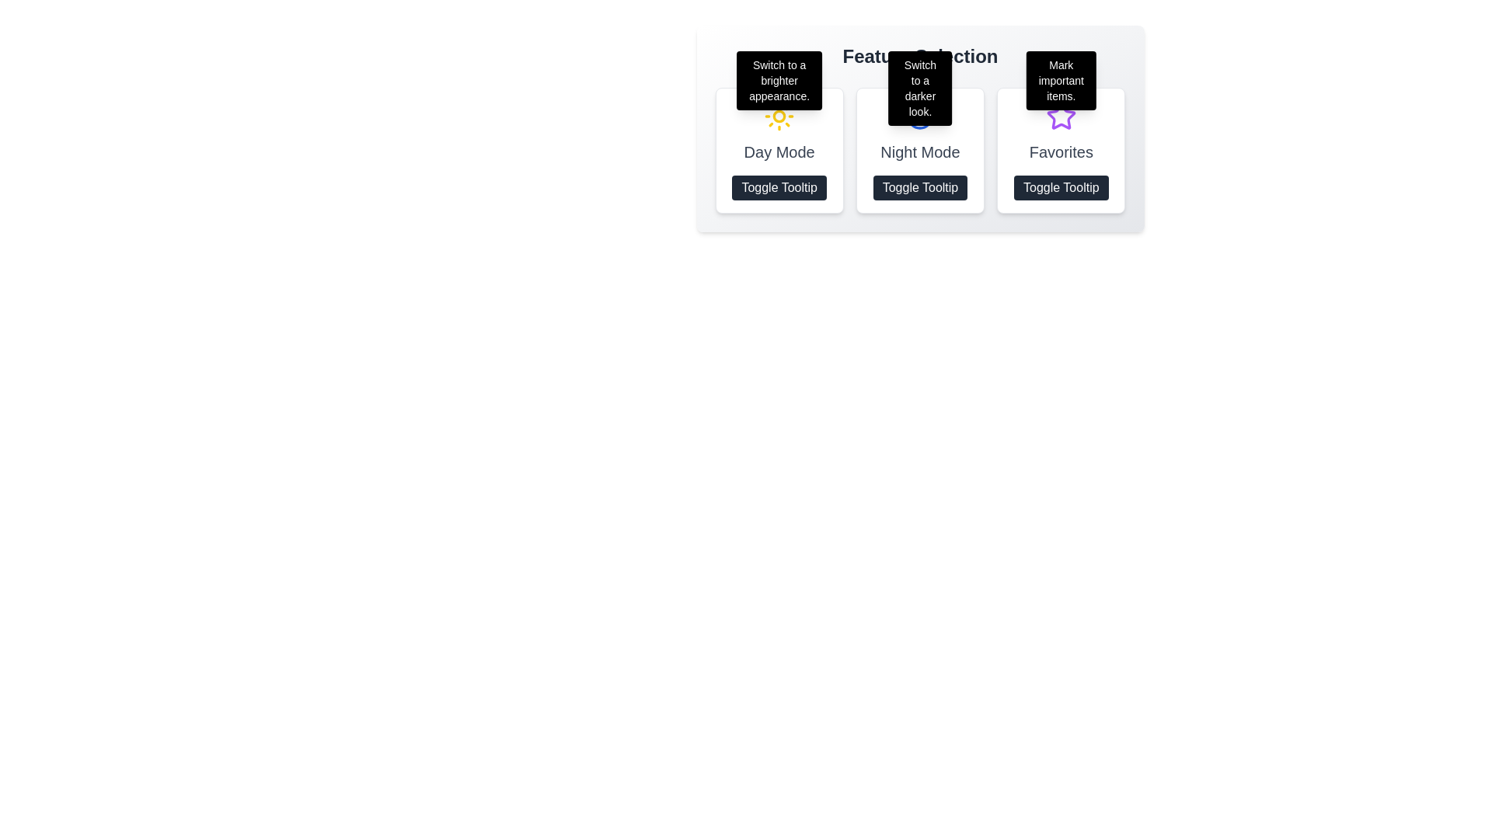 This screenshot has width=1492, height=839. Describe the element at coordinates (920, 150) in the screenshot. I see `the 'Night Mode' button, which is the second item in a horizontal grid and features a crescent moon icon on a white background` at that location.